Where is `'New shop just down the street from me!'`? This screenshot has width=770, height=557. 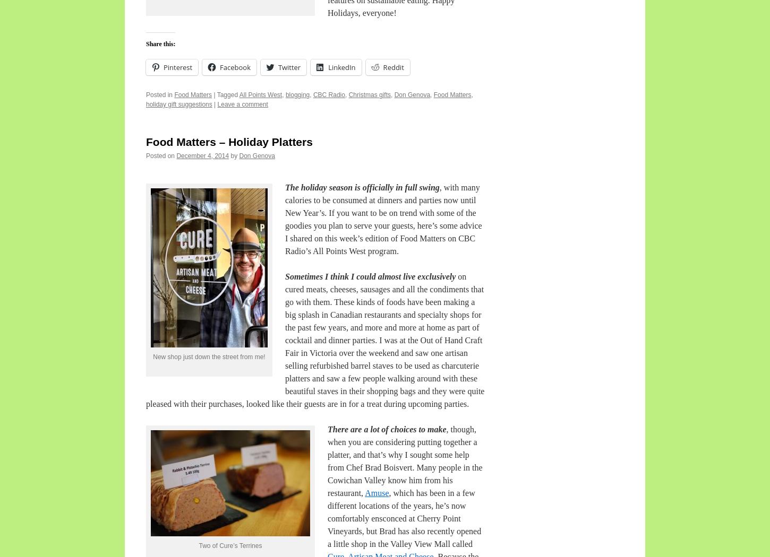
'New shop just down the street from me!' is located at coordinates (208, 356).